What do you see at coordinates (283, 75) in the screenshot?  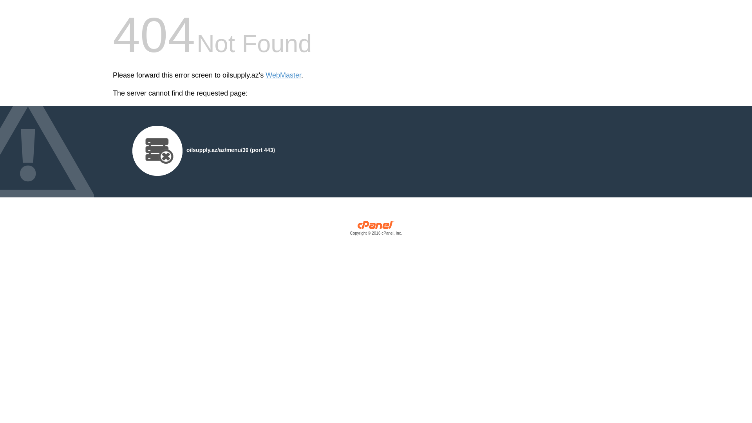 I see `'WebMaster'` at bounding box center [283, 75].